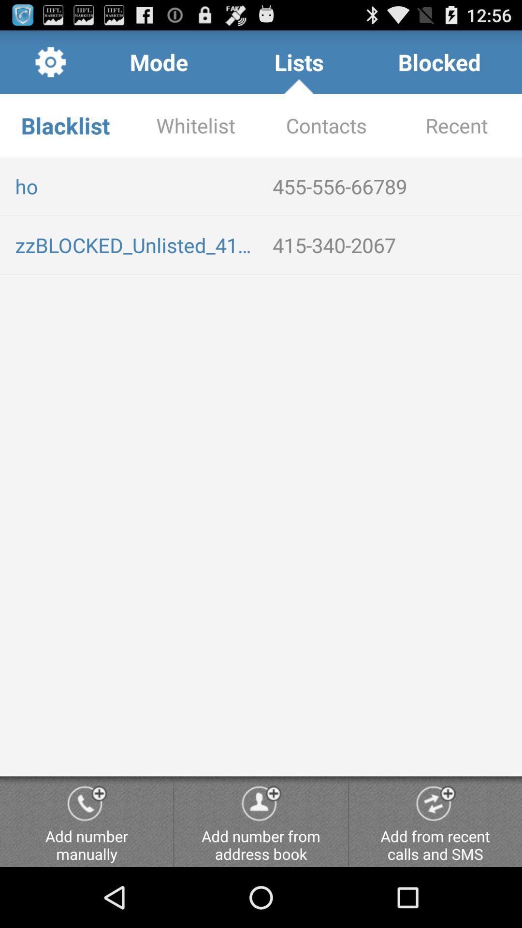 The width and height of the screenshot is (522, 928). I want to click on the blacklist item, so click(65, 125).